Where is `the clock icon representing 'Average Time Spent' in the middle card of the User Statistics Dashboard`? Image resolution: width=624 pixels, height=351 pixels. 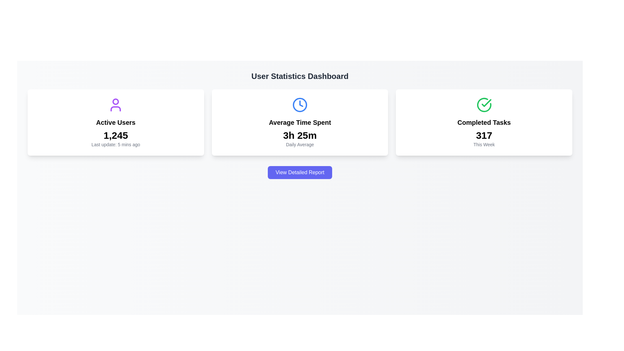 the clock icon representing 'Average Time Spent' in the middle card of the User Statistics Dashboard is located at coordinates (299, 105).